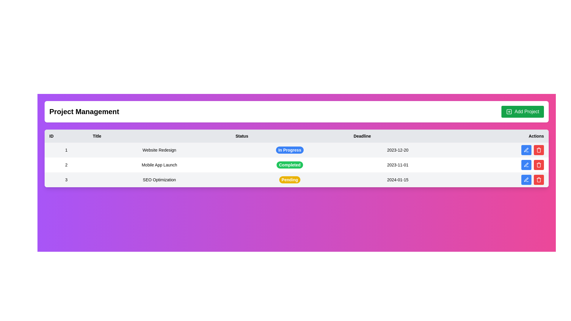 Image resolution: width=571 pixels, height=321 pixels. Describe the element at coordinates (398, 150) in the screenshot. I see `text content displayed as '2023-12-20' in the fourth cell of the first row in the 'Deadline' column of the table` at that location.